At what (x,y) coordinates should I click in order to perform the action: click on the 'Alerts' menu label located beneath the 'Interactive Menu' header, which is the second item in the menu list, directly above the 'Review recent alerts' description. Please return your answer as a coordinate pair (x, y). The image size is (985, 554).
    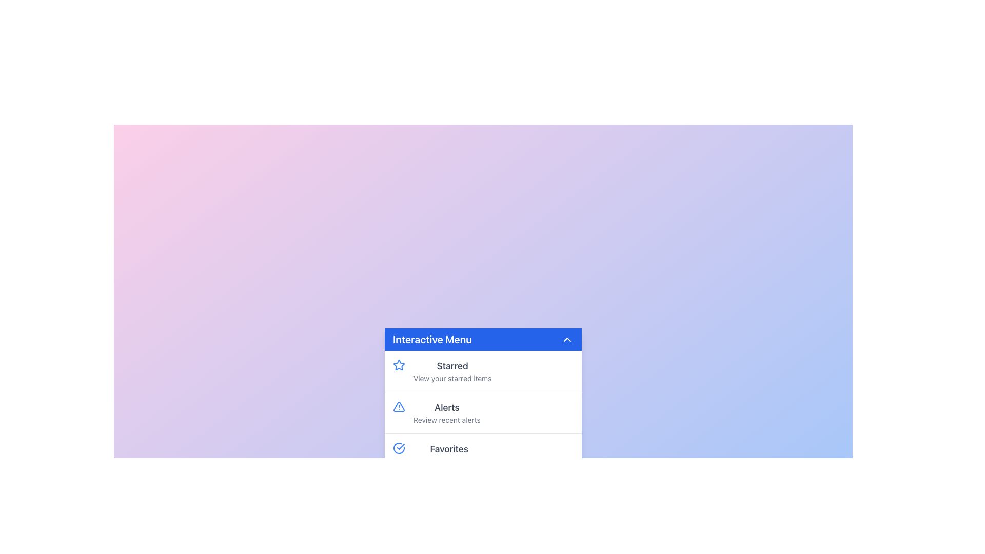
    Looking at the image, I should click on (447, 407).